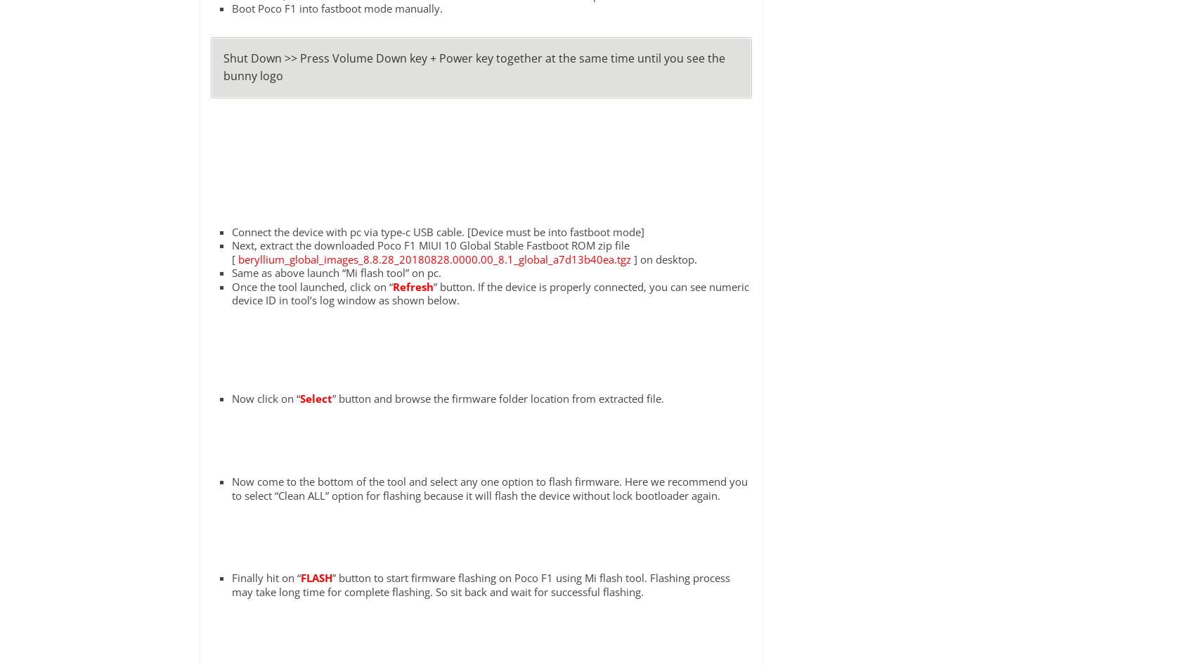 The width and height of the screenshot is (1201, 665). I want to click on 'Same as above launch “Mi flash tool” on pc.', so click(335, 272).